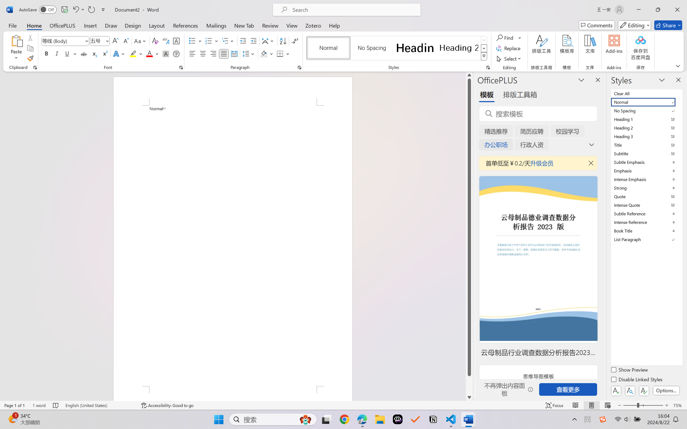 This screenshot has height=429, width=687. Describe the element at coordinates (630, 370) in the screenshot. I see `'Show Preview'` at that location.